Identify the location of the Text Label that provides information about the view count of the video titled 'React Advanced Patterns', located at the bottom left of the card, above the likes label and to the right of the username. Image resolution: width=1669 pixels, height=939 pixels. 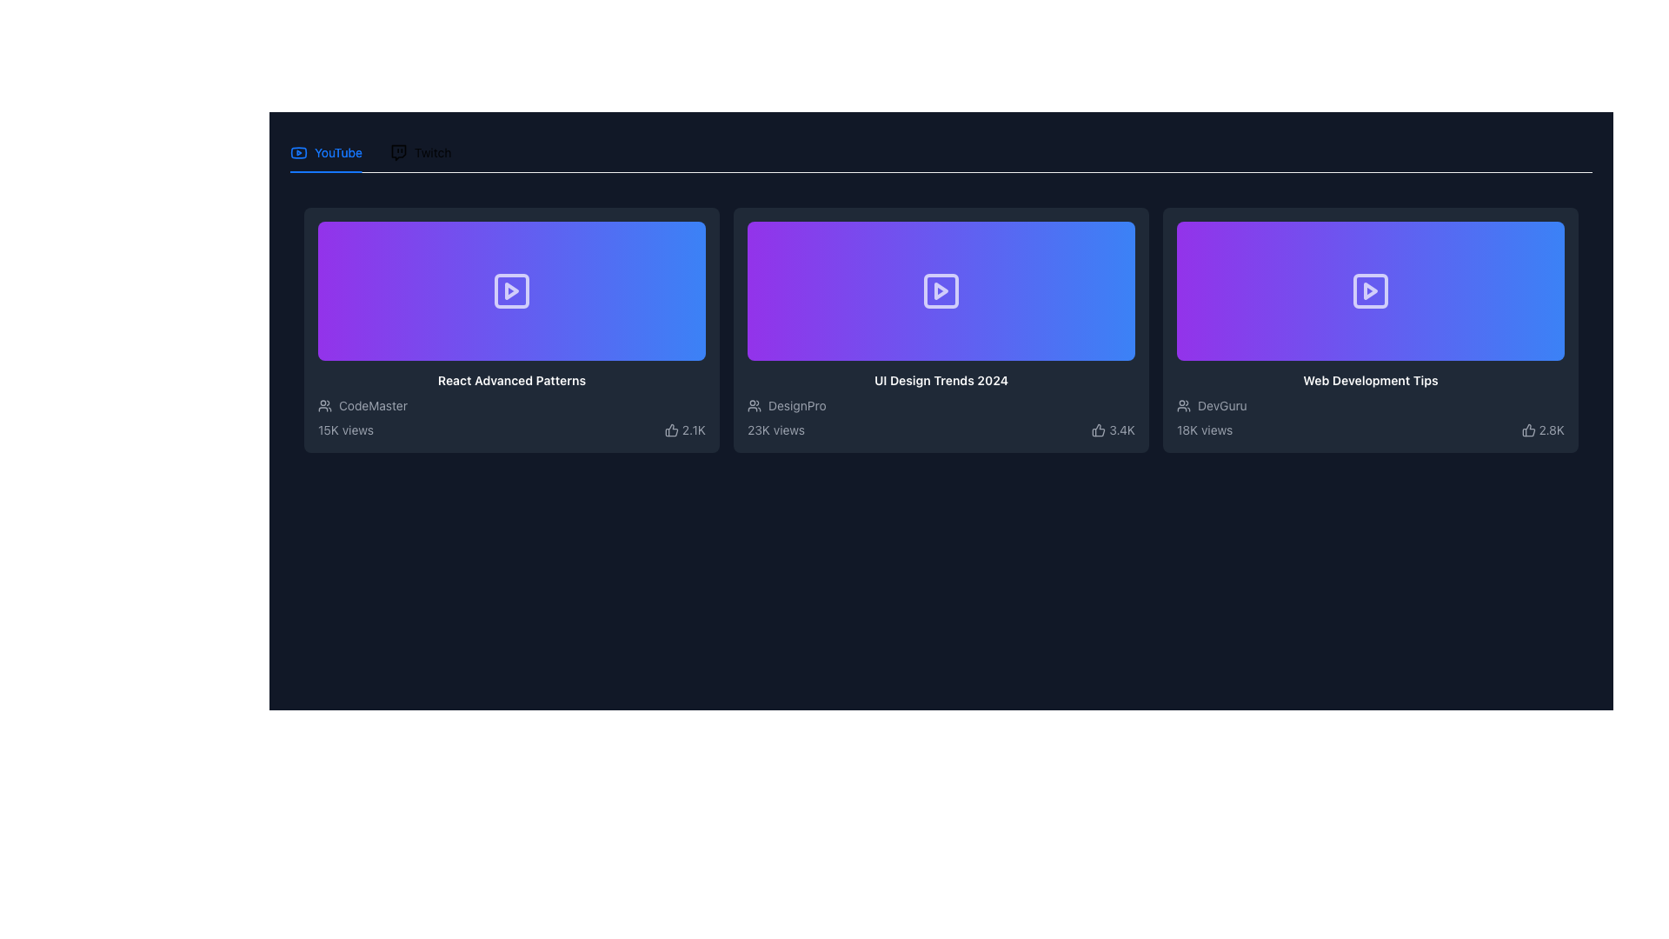
(346, 430).